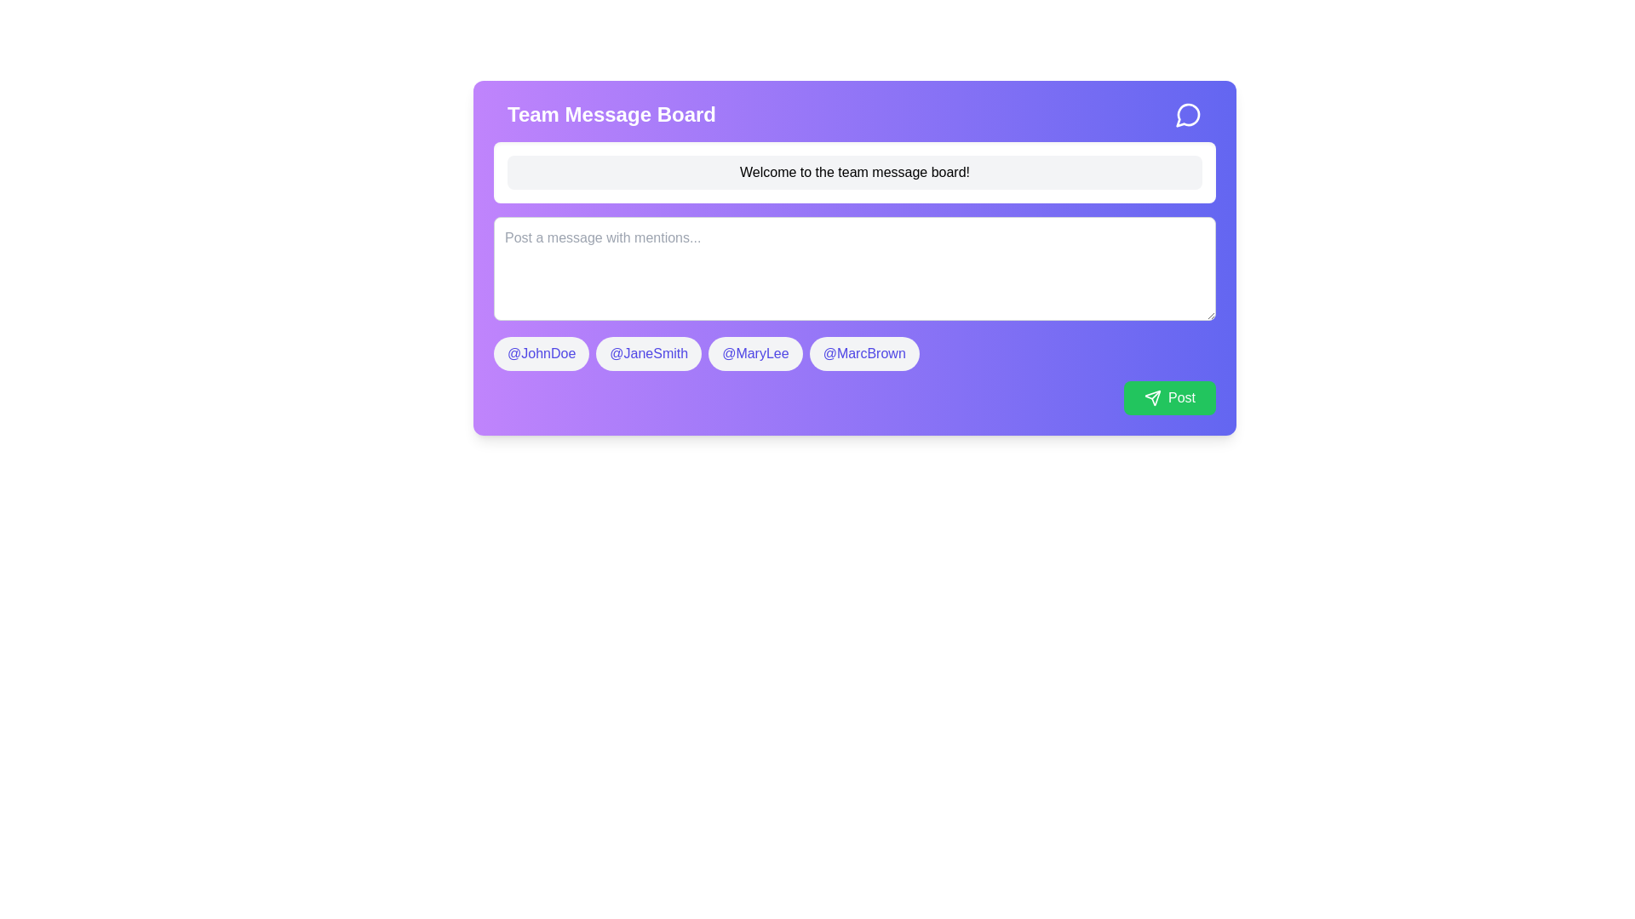 This screenshot has width=1635, height=919. What do you see at coordinates (1188, 115) in the screenshot?
I see `the circular chat bubble icon with a white color and purple background located at the top-right corner of the 'Team Message Board' header section` at bounding box center [1188, 115].